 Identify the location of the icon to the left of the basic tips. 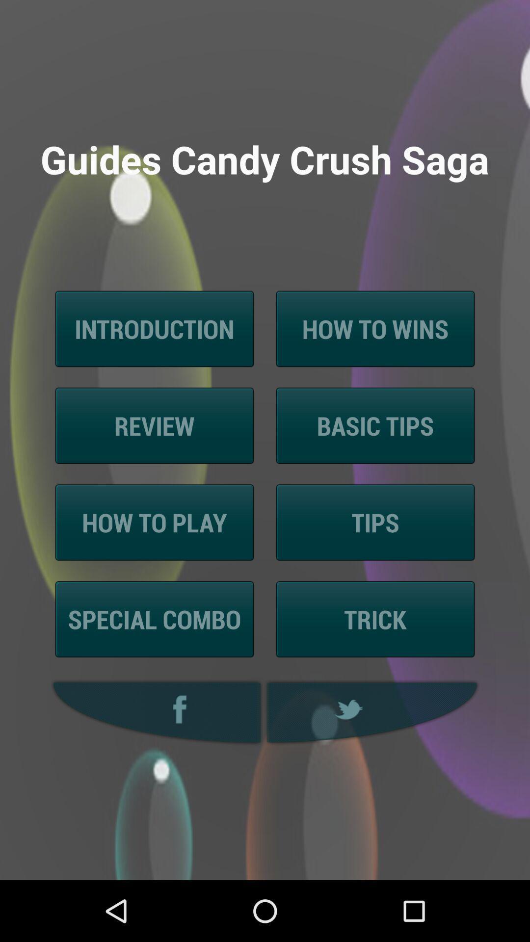
(155, 425).